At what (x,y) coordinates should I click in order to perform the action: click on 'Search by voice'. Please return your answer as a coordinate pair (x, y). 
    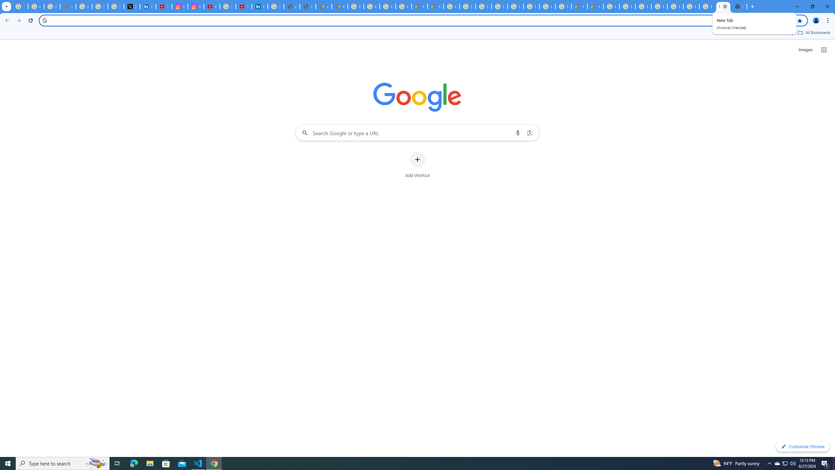
    Looking at the image, I should click on (517, 132).